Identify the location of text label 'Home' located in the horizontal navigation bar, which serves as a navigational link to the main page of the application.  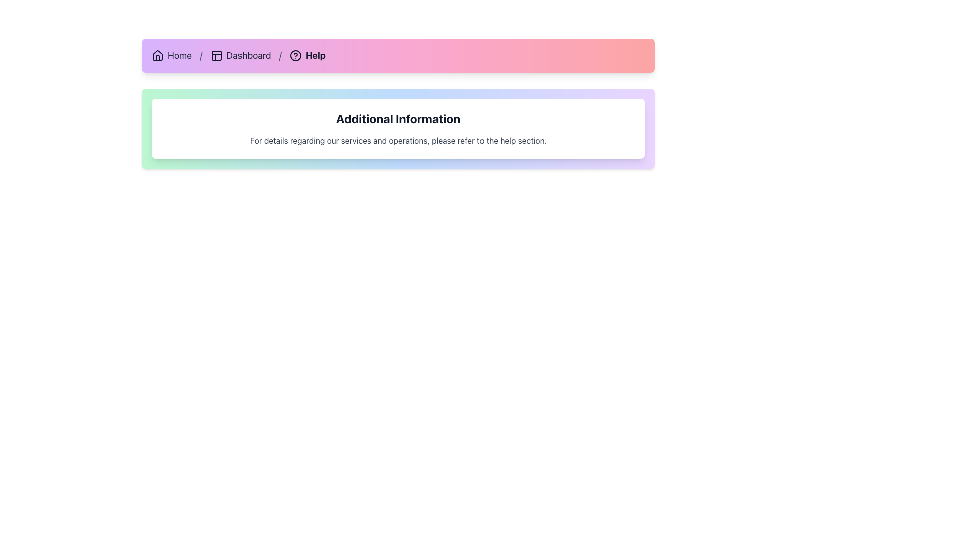
(180, 56).